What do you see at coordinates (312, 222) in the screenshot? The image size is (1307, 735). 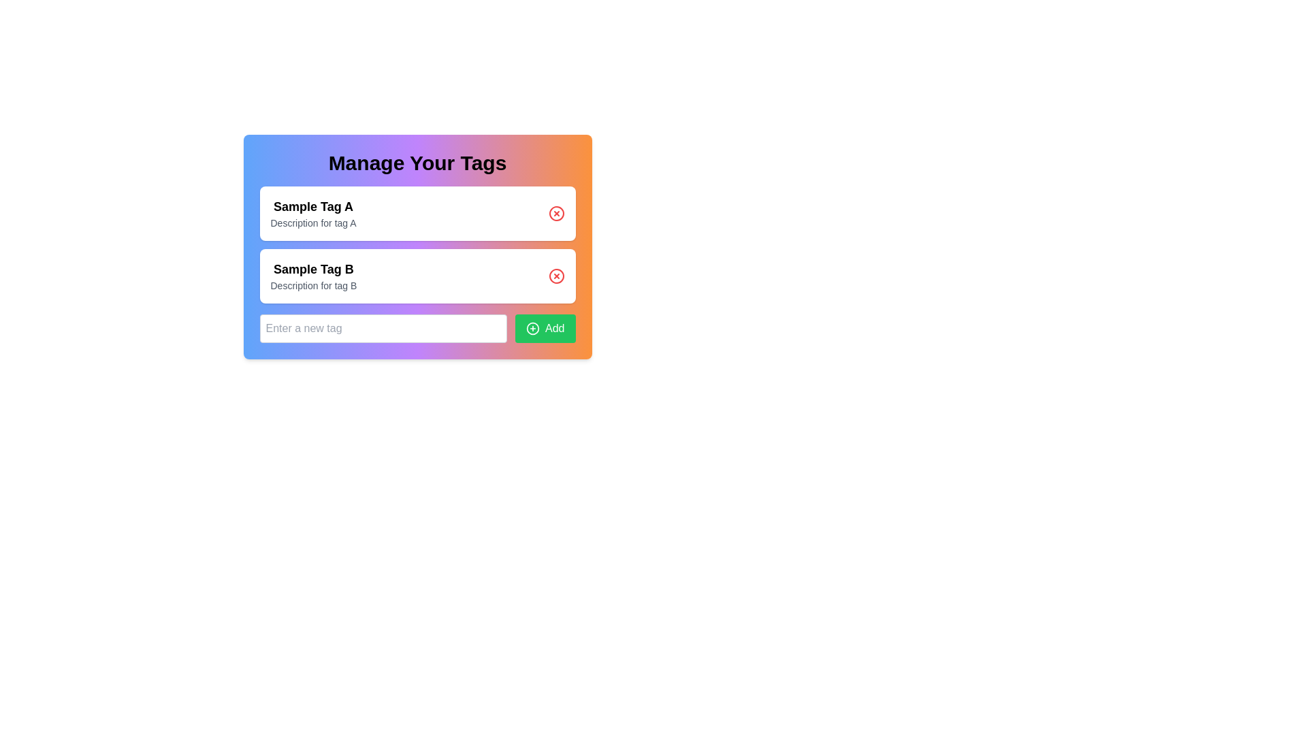 I see `the text label displaying 'Description for tag A', which is styled in smaller gray text and positioned under the title 'Sample Tag A' in the vertical list of tags` at bounding box center [312, 222].